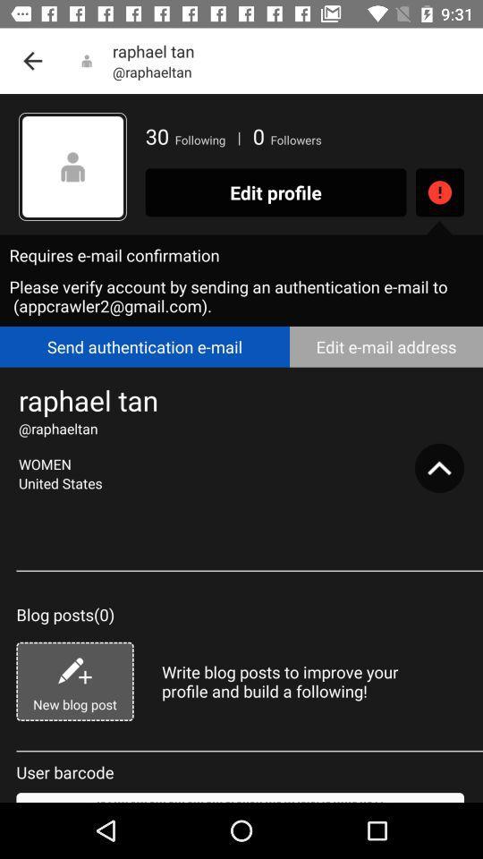  Describe the element at coordinates (438, 467) in the screenshot. I see `the expand_less icon` at that location.